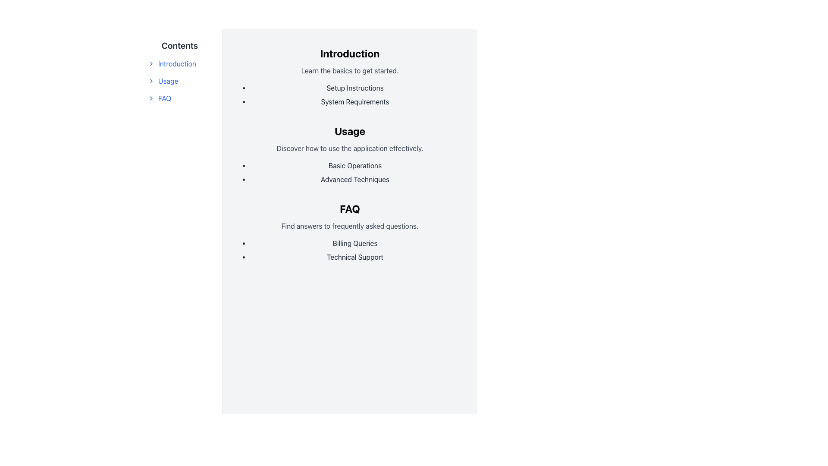 The image size is (828, 466). What do you see at coordinates (151, 98) in the screenshot?
I see `the chevron icon located in the navigational sidebar under the 'Contents' heading, which is positioned next to the 'FAQ' link` at bounding box center [151, 98].